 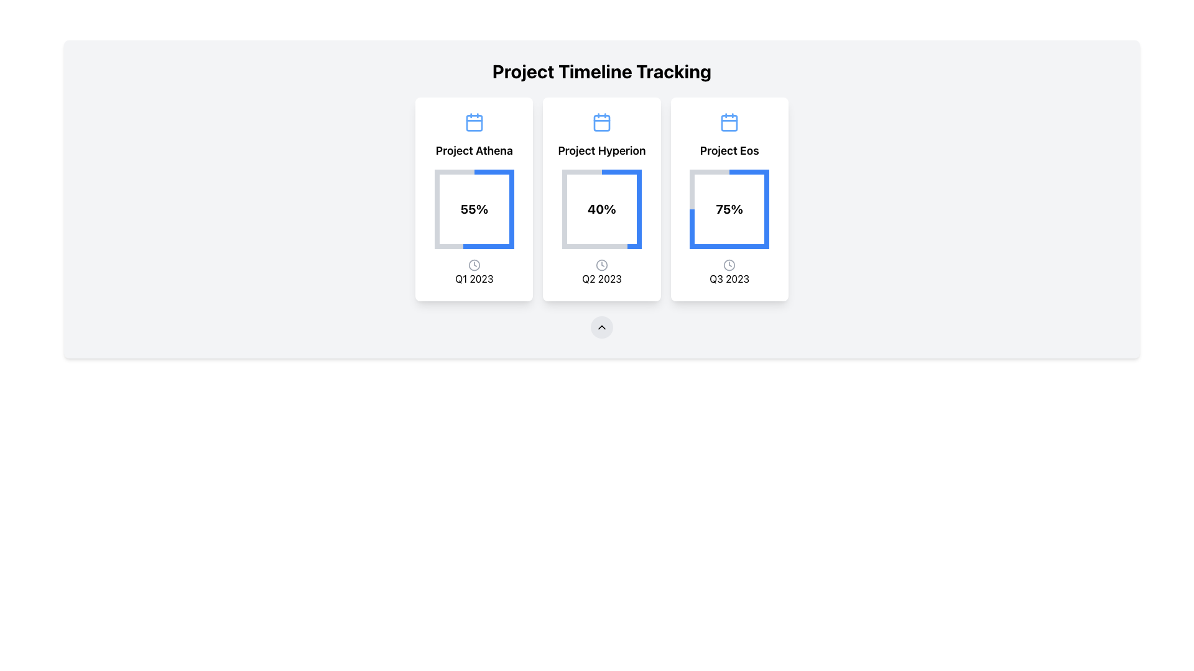 I want to click on the small upward-pointing chevron icon button, styled with a light gray circular background, located below the project blocks labeled 'Project Athena', 'Project Hyperion', and 'Project Eos', so click(x=602, y=327).